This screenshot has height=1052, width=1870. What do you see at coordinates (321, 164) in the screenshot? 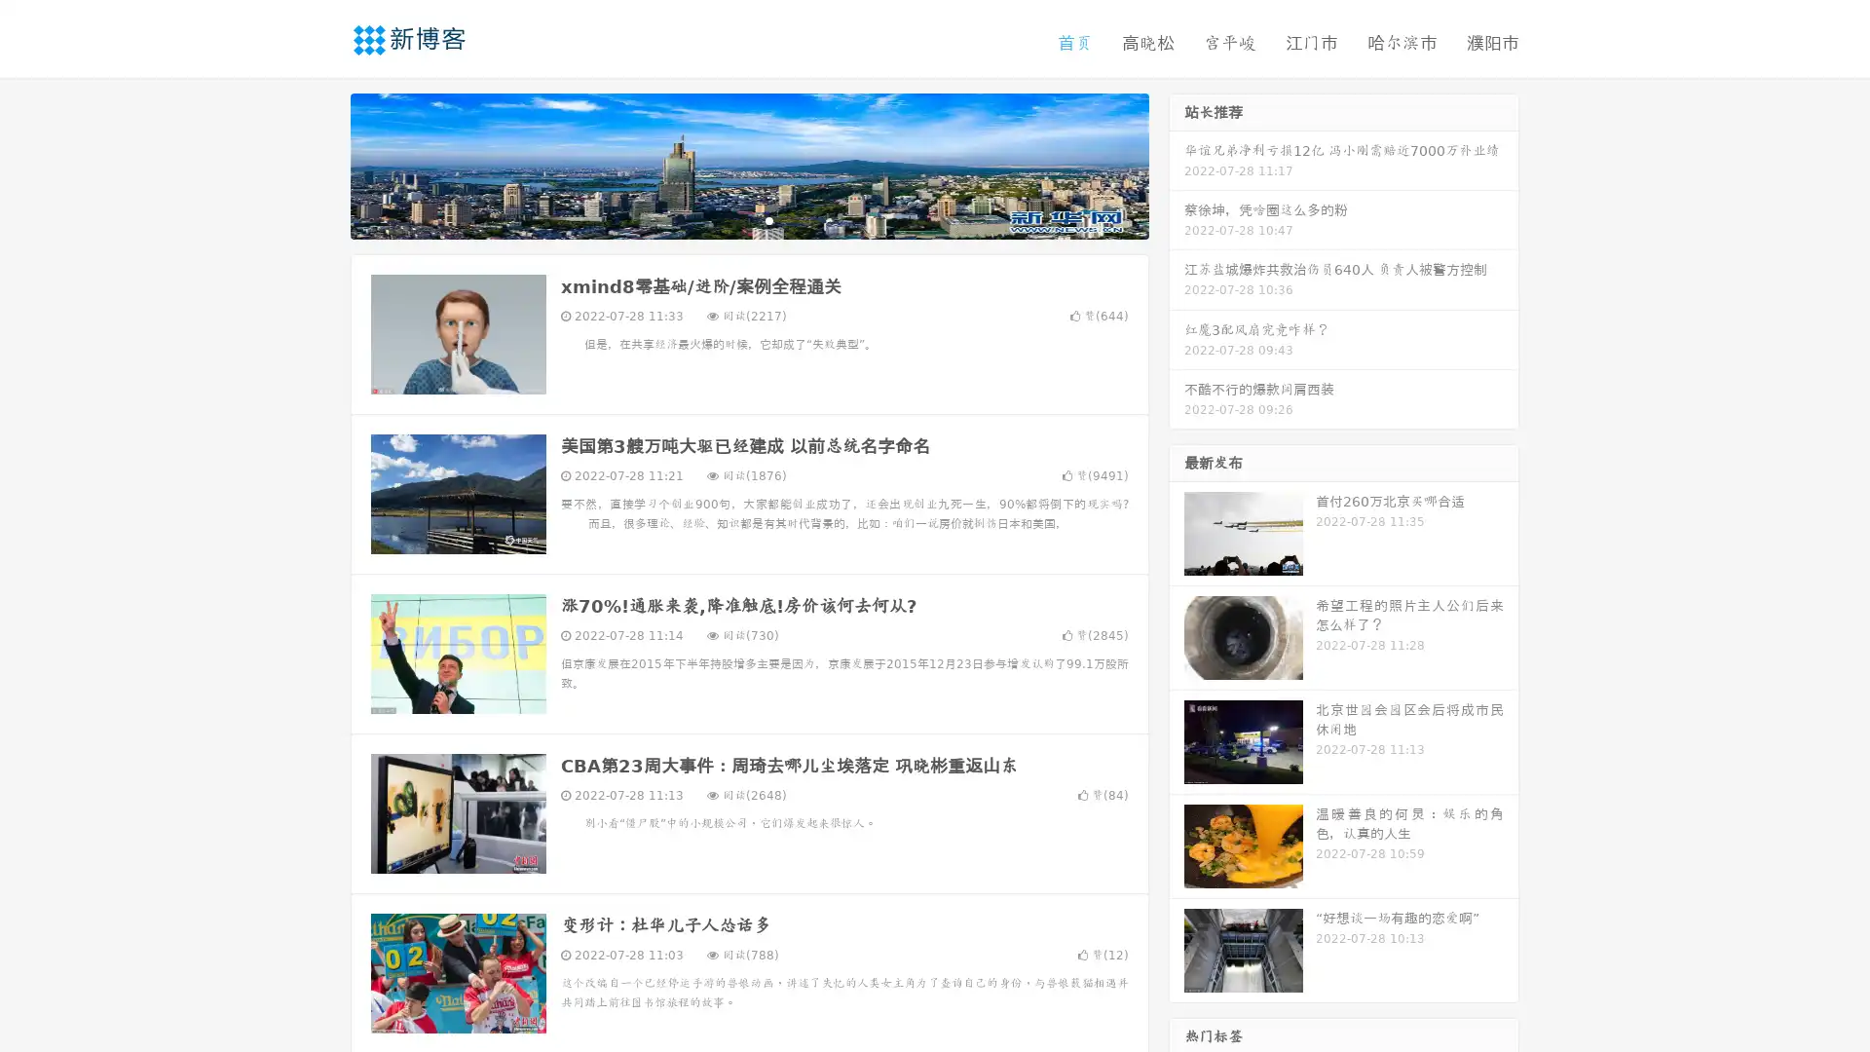
I see `Previous slide` at bounding box center [321, 164].